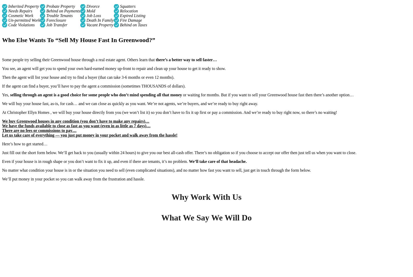  I want to click on 'Why Work With Us', so click(206, 197).